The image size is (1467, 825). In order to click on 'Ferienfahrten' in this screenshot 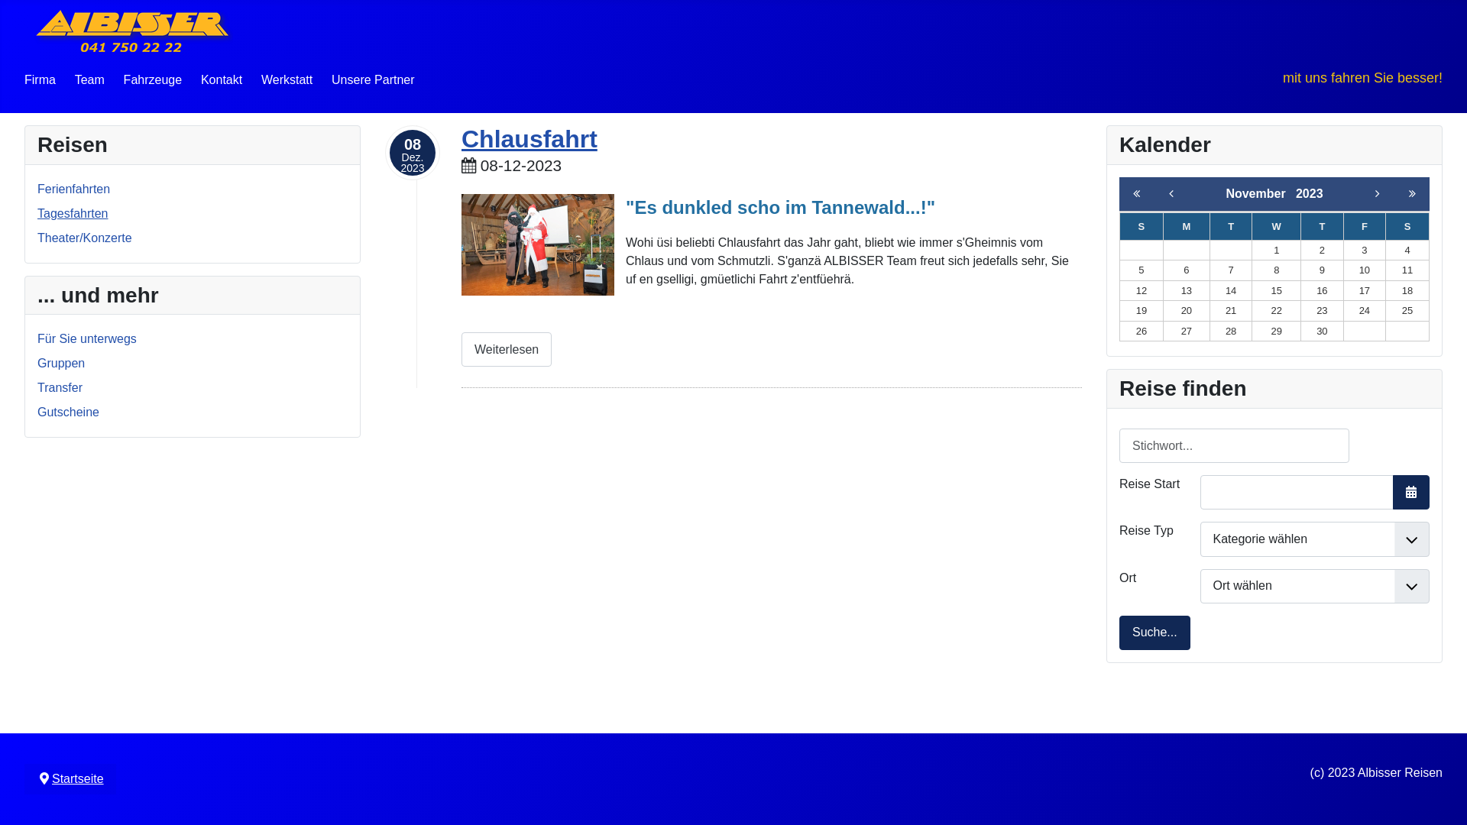, I will do `click(73, 188)`.